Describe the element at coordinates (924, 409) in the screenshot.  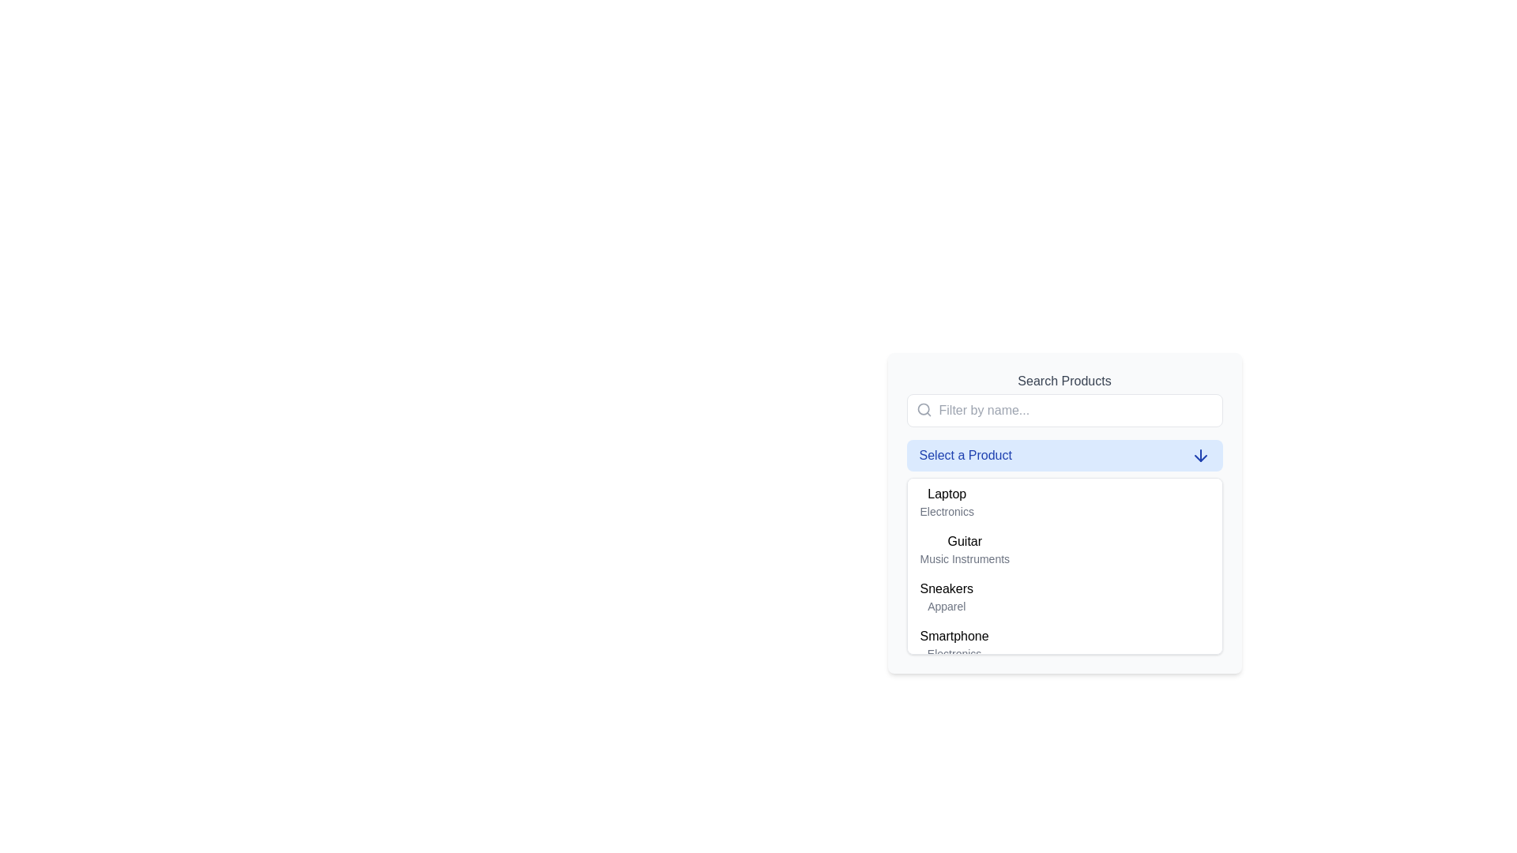
I see `the search icon located on the left side of the 'Filter by name...' text input field at the top of the form element` at that location.